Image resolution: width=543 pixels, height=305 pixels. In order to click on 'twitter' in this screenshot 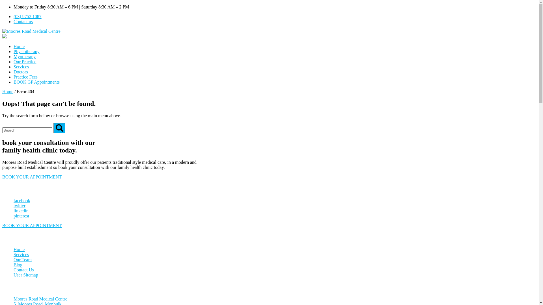, I will do `click(14, 206)`.